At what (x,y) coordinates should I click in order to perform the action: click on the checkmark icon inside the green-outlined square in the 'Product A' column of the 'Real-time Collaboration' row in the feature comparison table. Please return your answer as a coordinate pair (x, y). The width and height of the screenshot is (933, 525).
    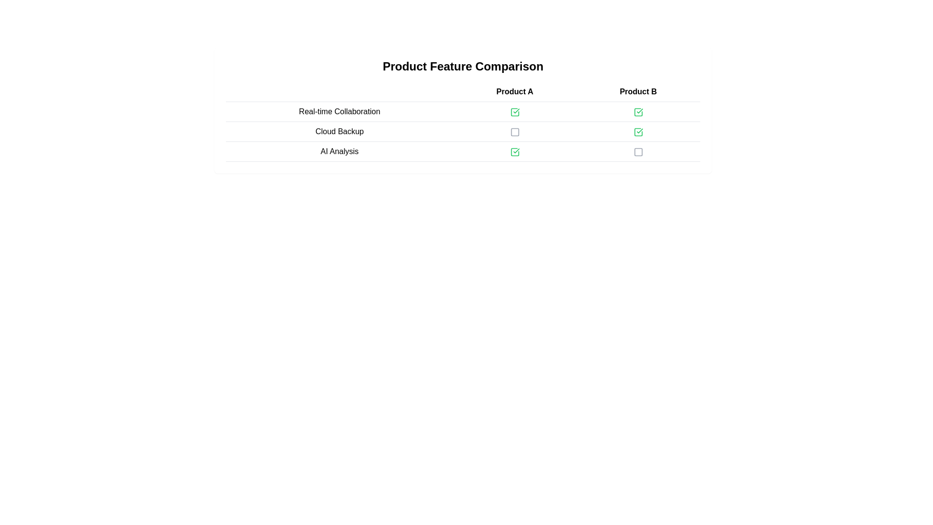
    Looking at the image, I should click on (514, 152).